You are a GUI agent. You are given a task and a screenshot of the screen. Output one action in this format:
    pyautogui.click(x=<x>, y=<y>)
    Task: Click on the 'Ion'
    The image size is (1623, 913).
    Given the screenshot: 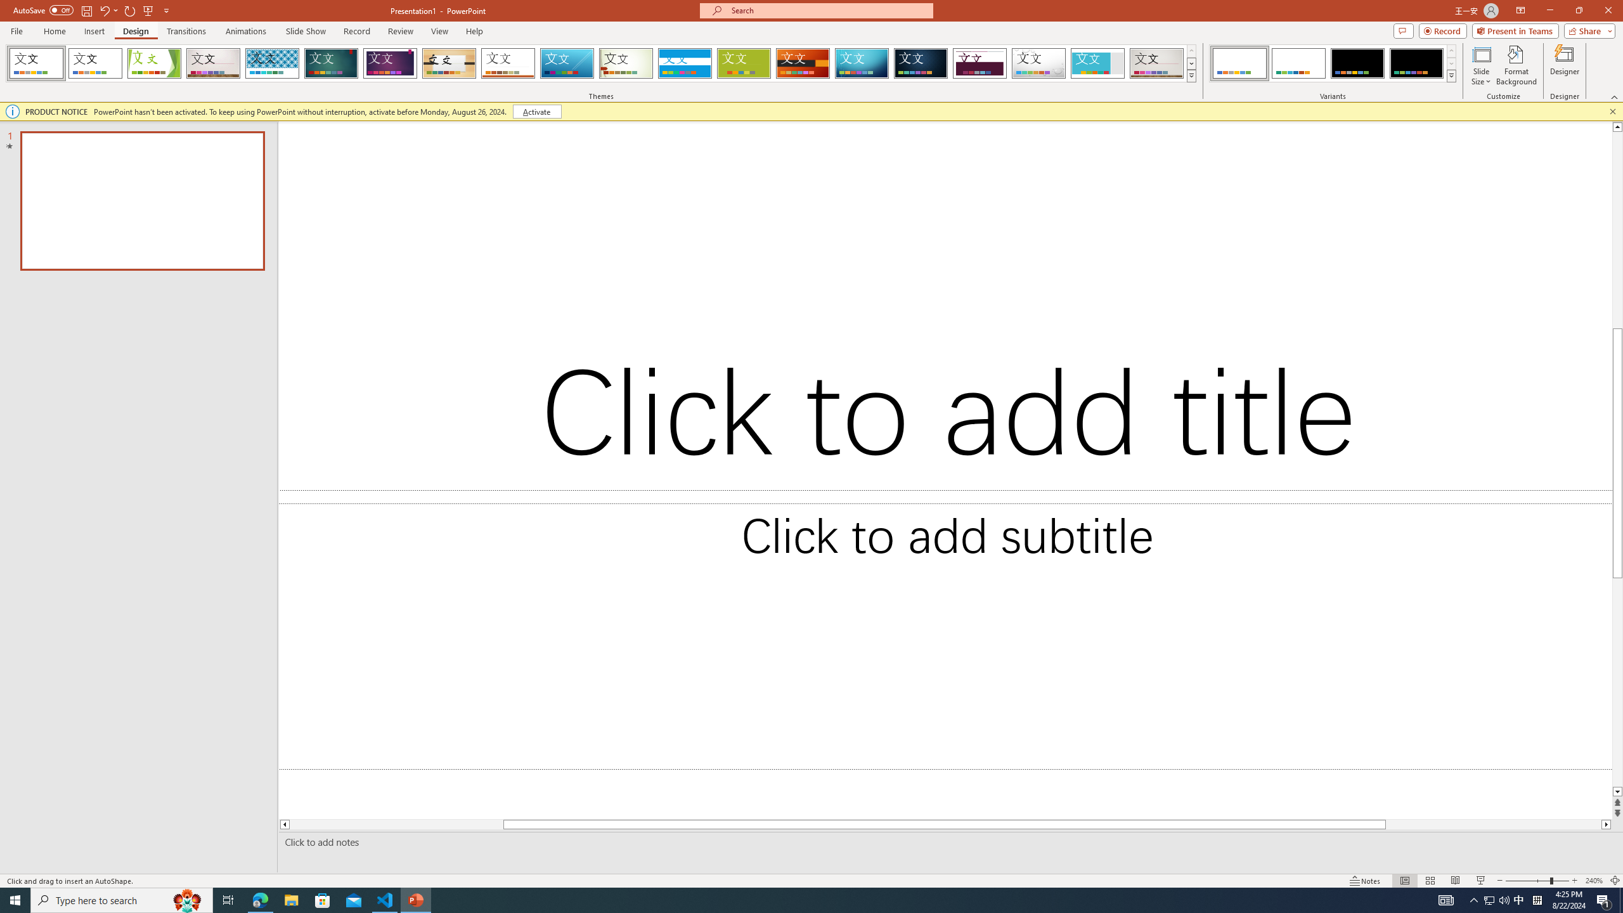 What is the action you would take?
    pyautogui.click(x=330, y=63)
    